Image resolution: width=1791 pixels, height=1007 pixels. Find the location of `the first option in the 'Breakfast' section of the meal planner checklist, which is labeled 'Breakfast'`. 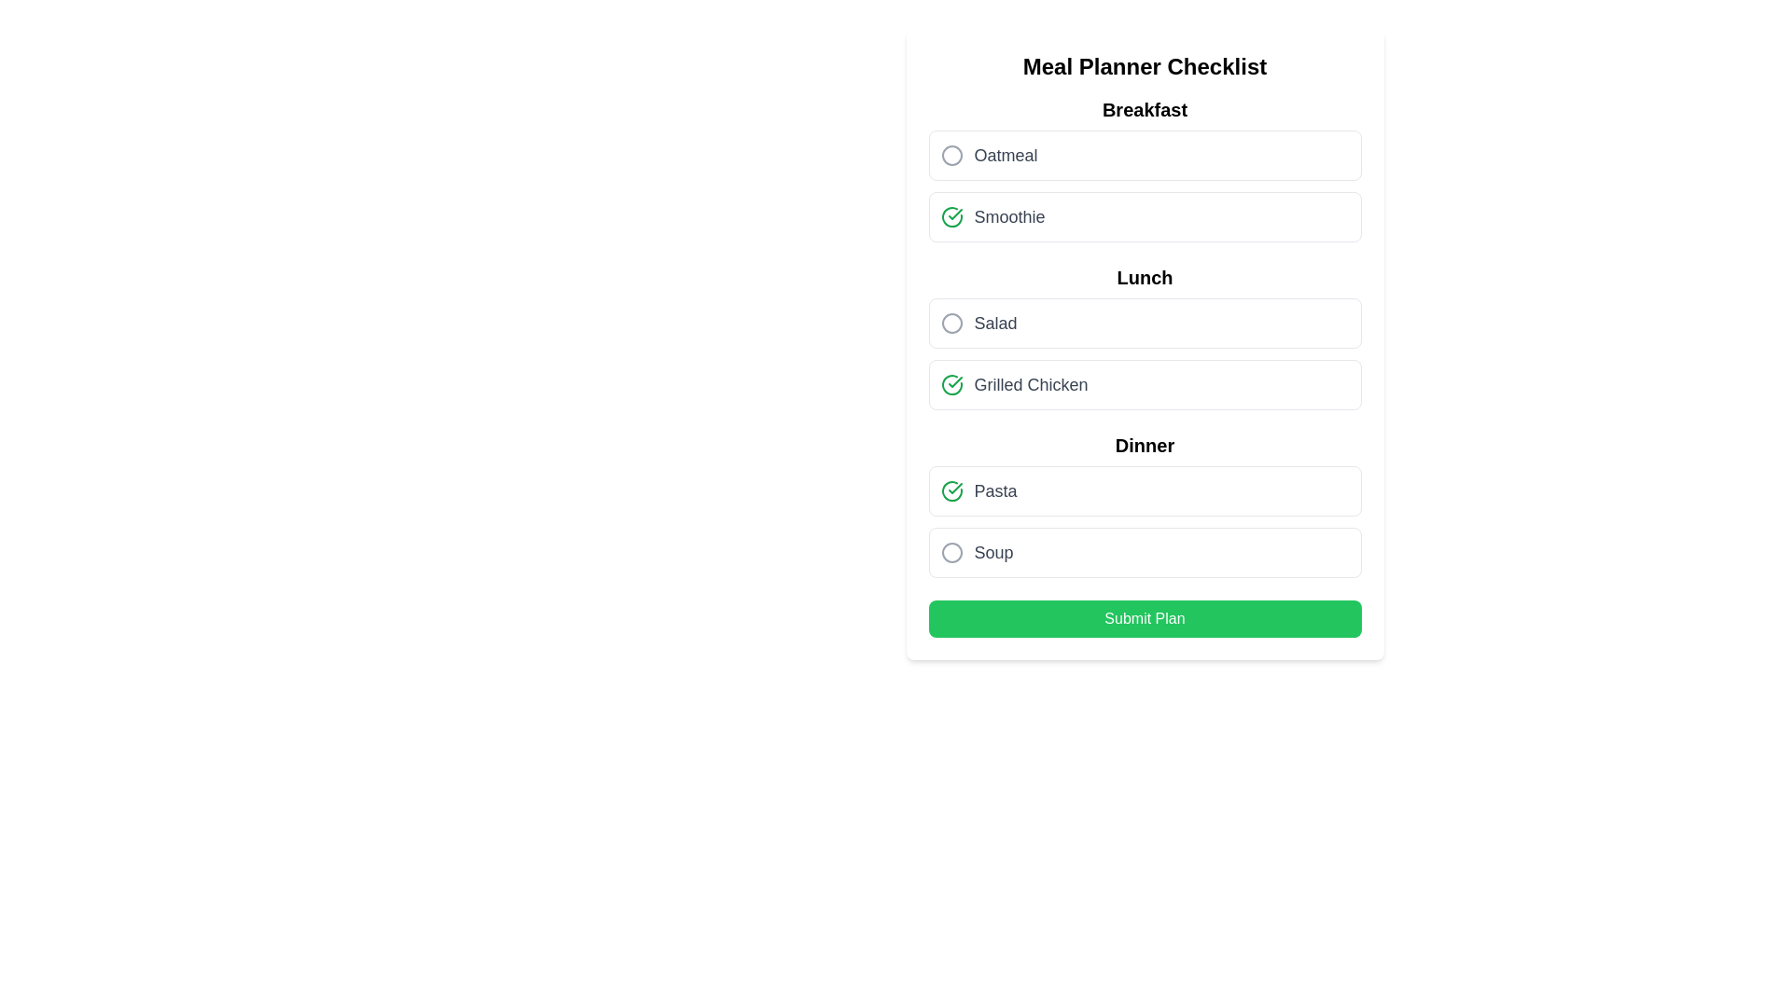

the first option in the 'Breakfast' section of the meal planner checklist, which is labeled 'Breakfast' is located at coordinates (1144, 154).